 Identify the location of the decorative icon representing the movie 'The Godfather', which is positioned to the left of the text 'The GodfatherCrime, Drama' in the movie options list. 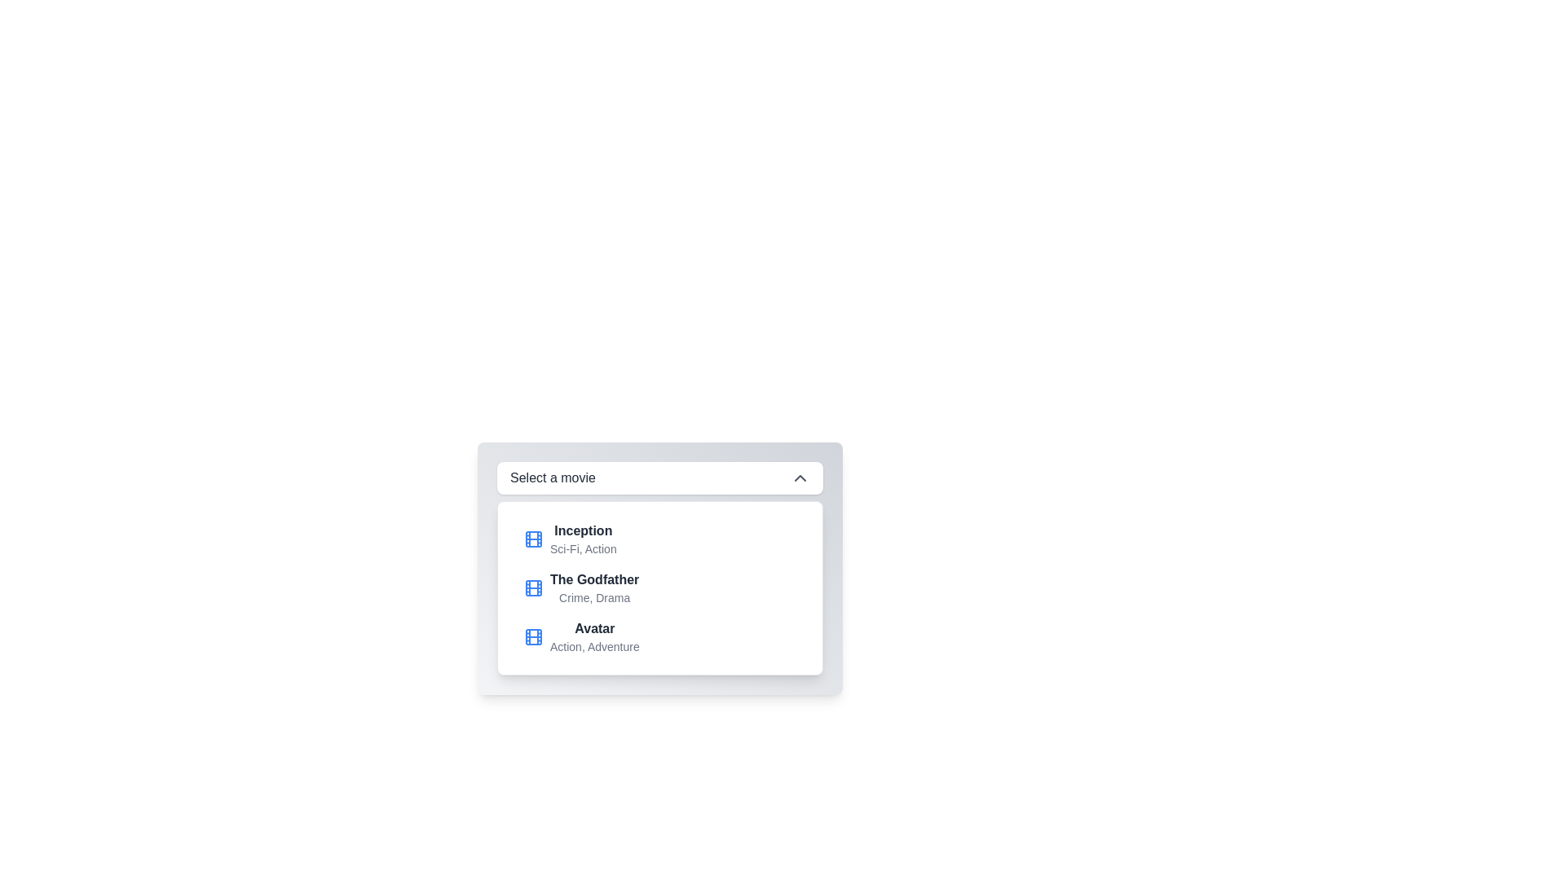
(533, 587).